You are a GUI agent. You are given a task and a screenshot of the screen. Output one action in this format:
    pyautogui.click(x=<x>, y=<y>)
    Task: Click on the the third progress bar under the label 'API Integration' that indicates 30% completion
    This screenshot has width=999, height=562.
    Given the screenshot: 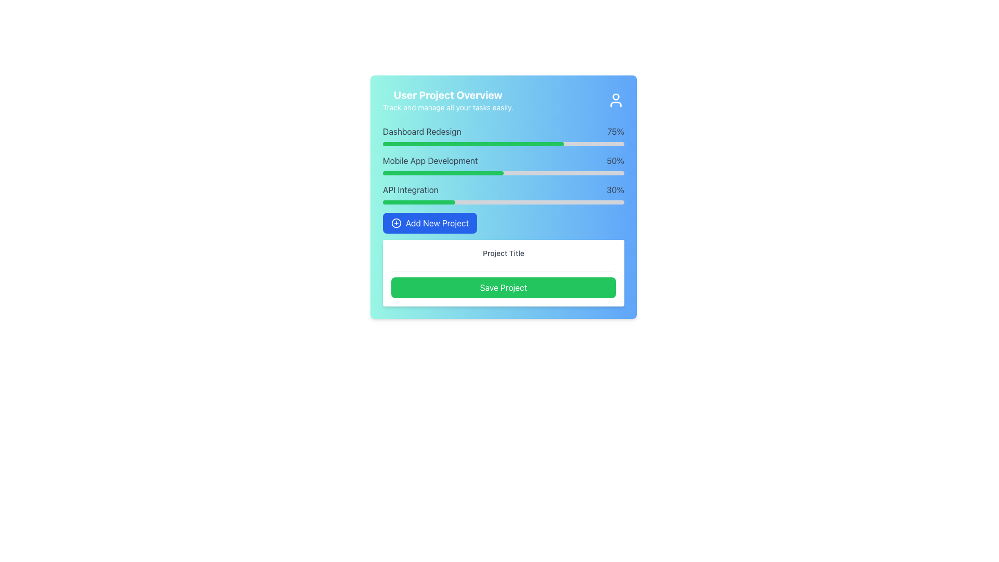 What is the action you would take?
    pyautogui.click(x=504, y=202)
    